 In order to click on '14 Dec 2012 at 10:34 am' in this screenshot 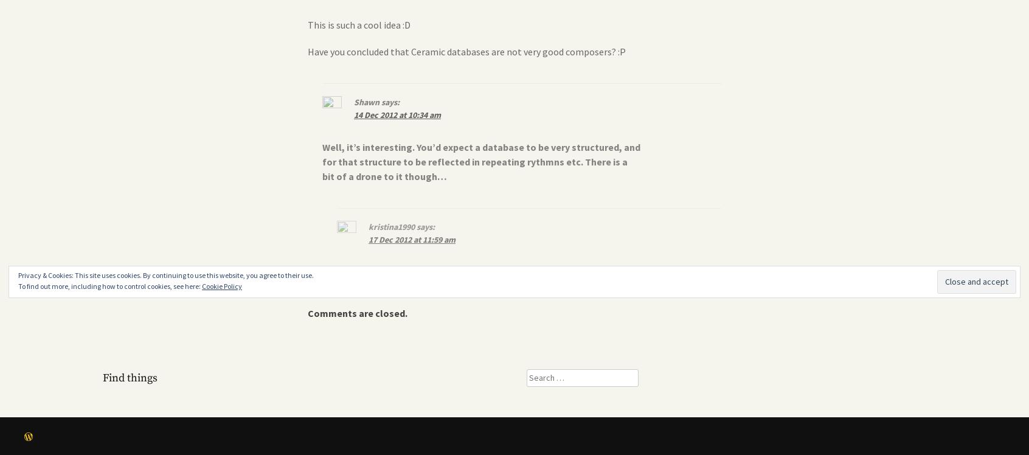, I will do `click(397, 115)`.